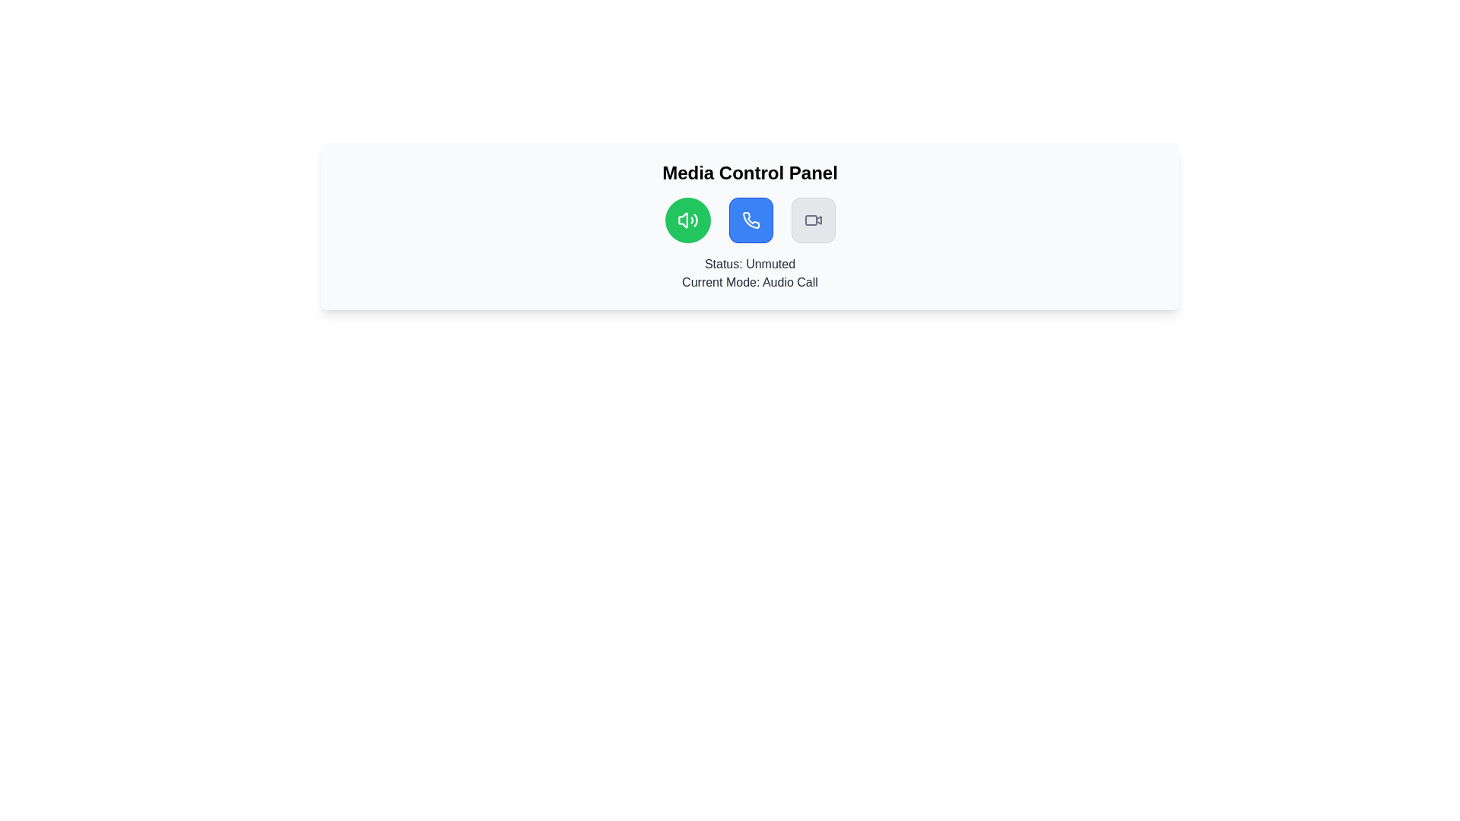  I want to click on the phone icon located in the middle blue button of the row beneath the 'Media Control Panel' label, so click(751, 220).